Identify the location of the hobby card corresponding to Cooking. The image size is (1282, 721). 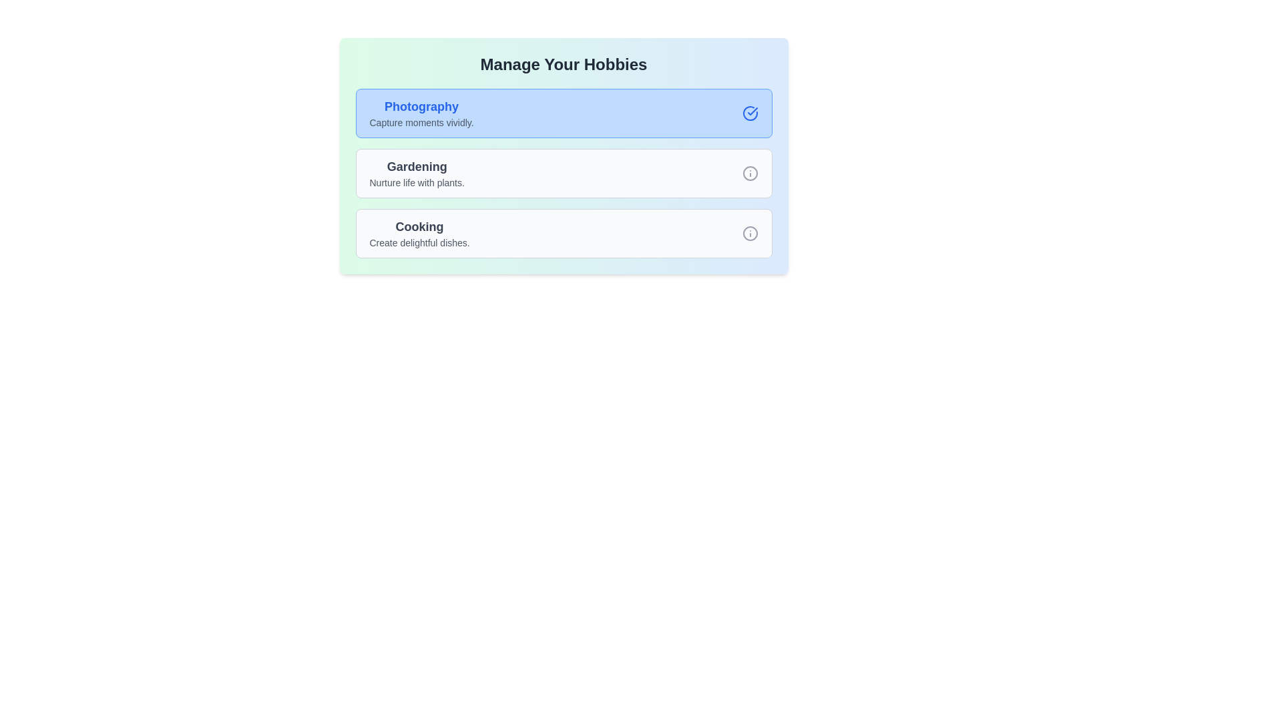
(564, 233).